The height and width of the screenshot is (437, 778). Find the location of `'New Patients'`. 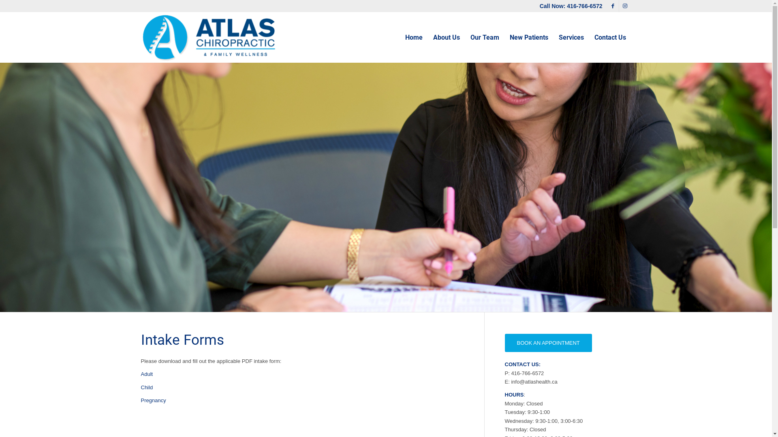

'New Patients' is located at coordinates (503, 37).